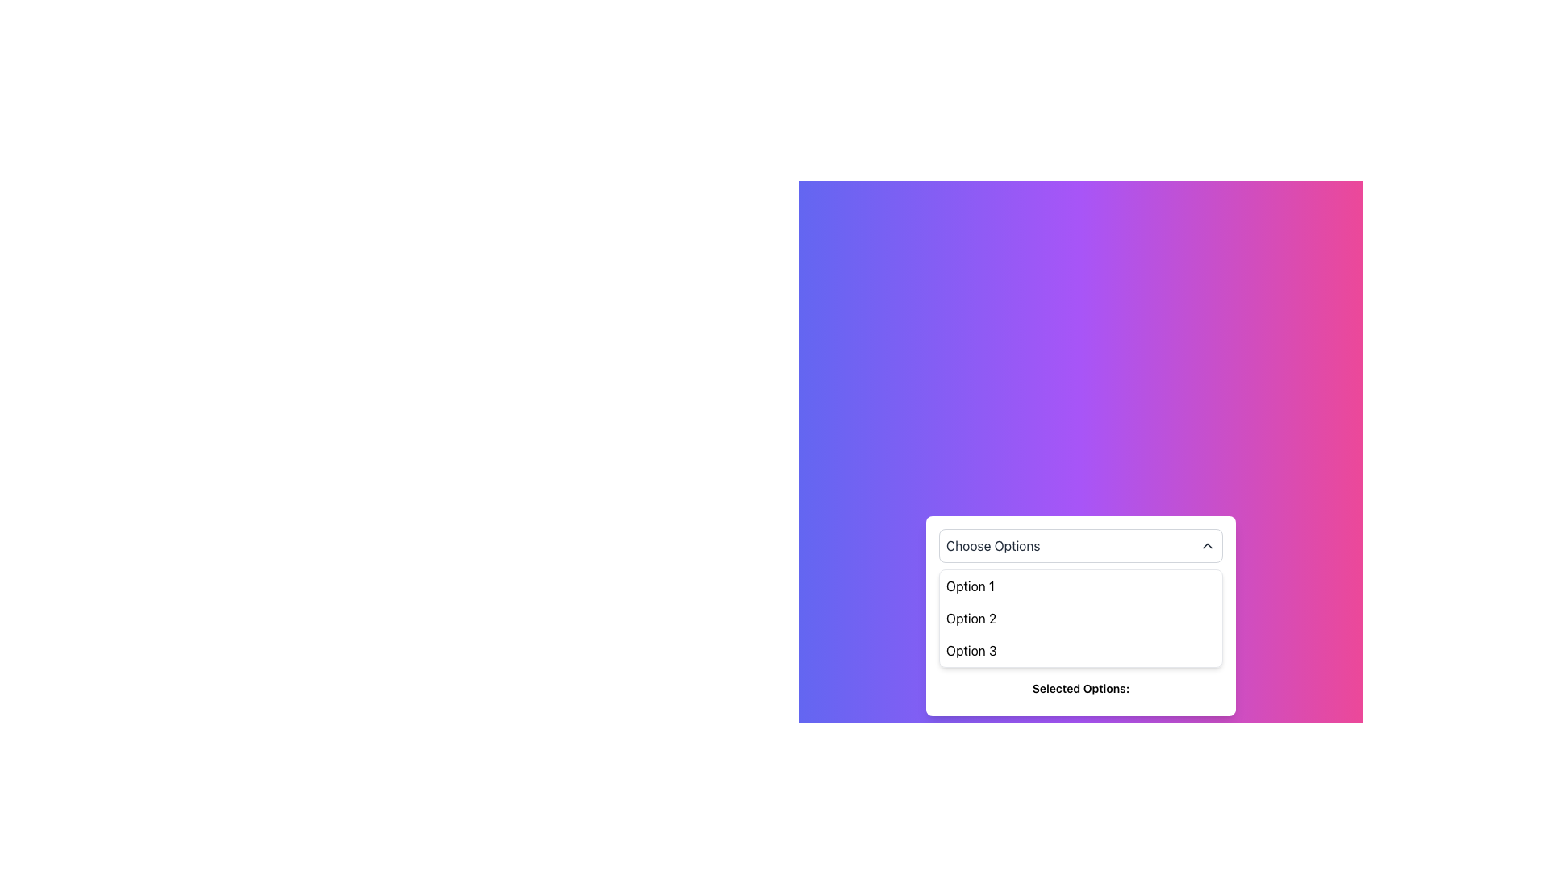 Image resolution: width=1549 pixels, height=871 pixels. Describe the element at coordinates (1208, 545) in the screenshot. I see `the downward-pointing chevron icon next to the 'Choose Options' text` at that location.